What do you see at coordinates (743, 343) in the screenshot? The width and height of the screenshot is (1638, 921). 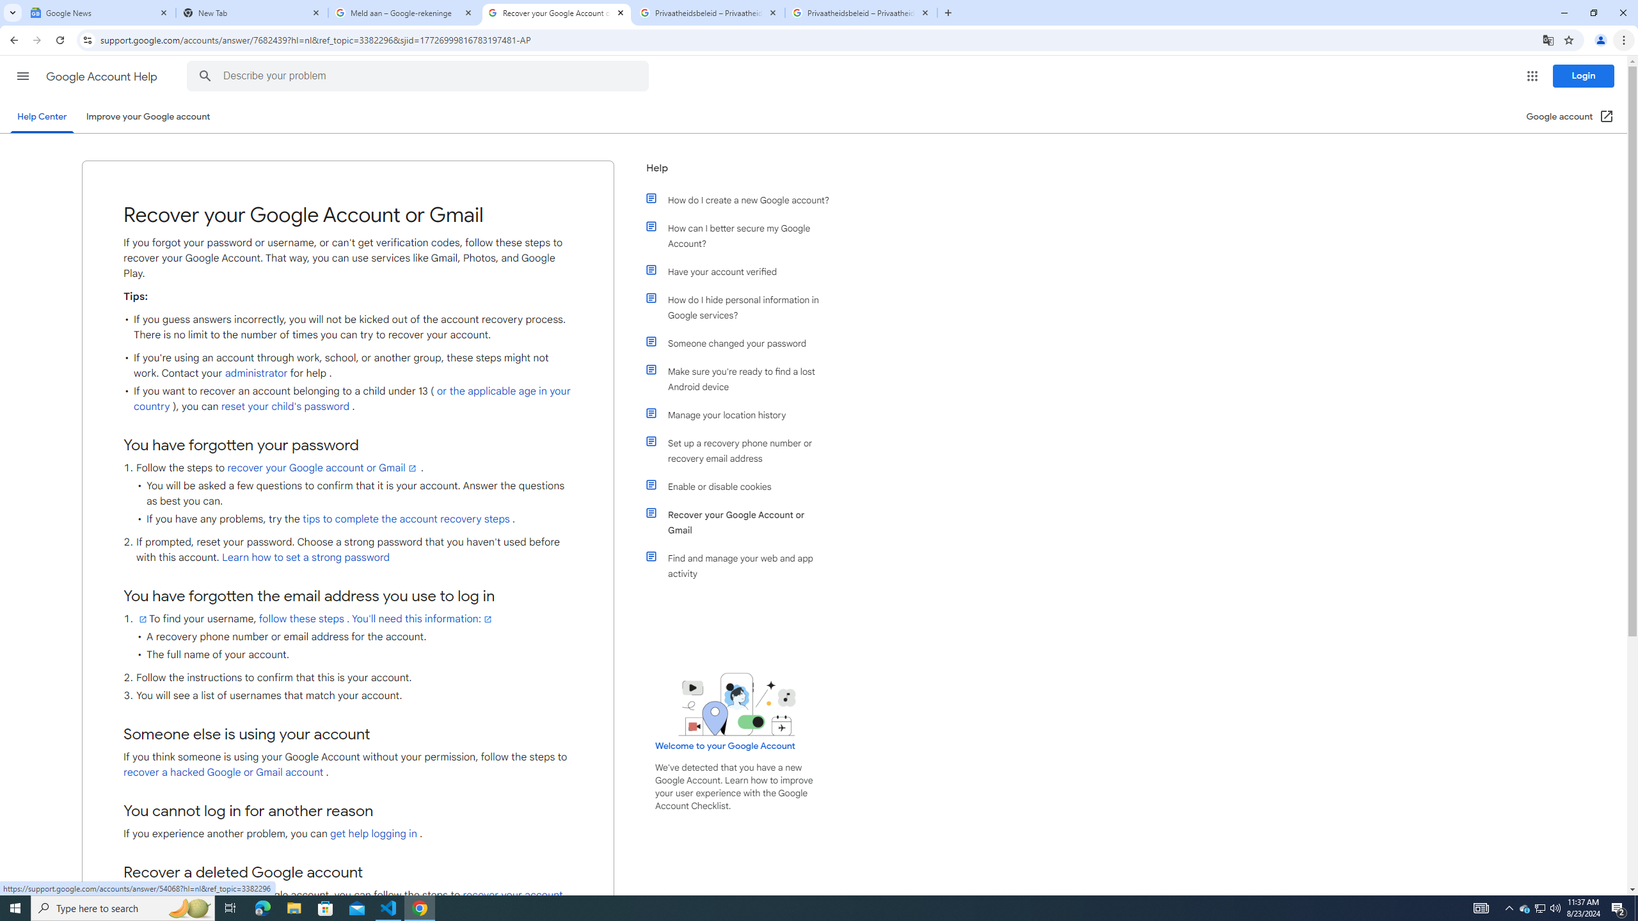 I see `'Someone changed your password'` at bounding box center [743, 343].